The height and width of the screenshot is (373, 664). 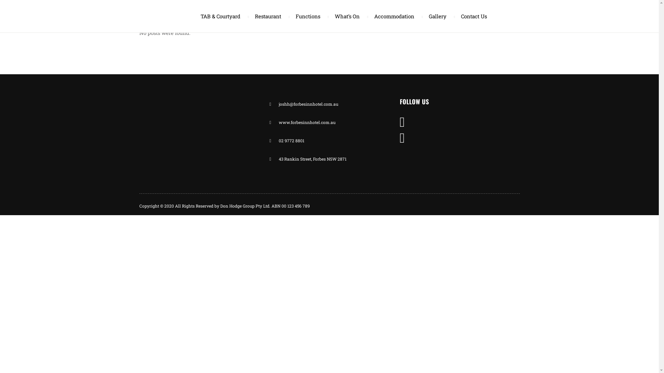 What do you see at coordinates (269, 16) in the screenshot?
I see `'Restaurant'` at bounding box center [269, 16].